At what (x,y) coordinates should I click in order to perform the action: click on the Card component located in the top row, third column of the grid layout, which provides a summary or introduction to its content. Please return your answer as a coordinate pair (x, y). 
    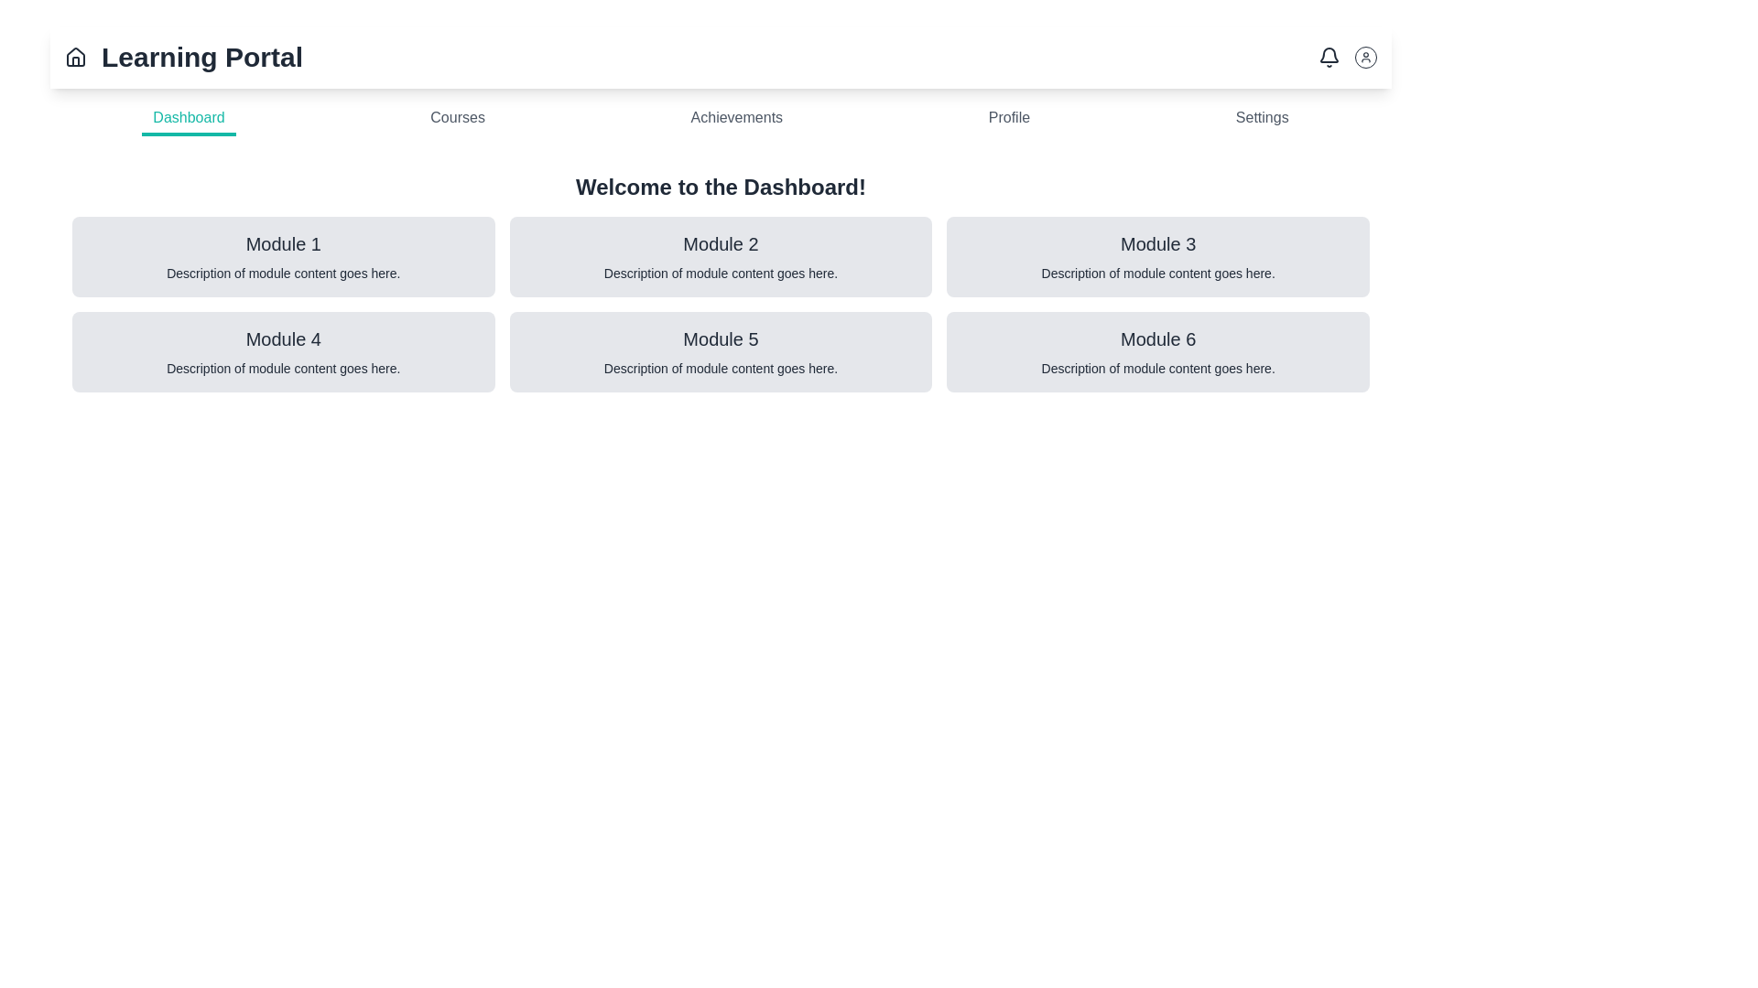
    Looking at the image, I should click on (1157, 257).